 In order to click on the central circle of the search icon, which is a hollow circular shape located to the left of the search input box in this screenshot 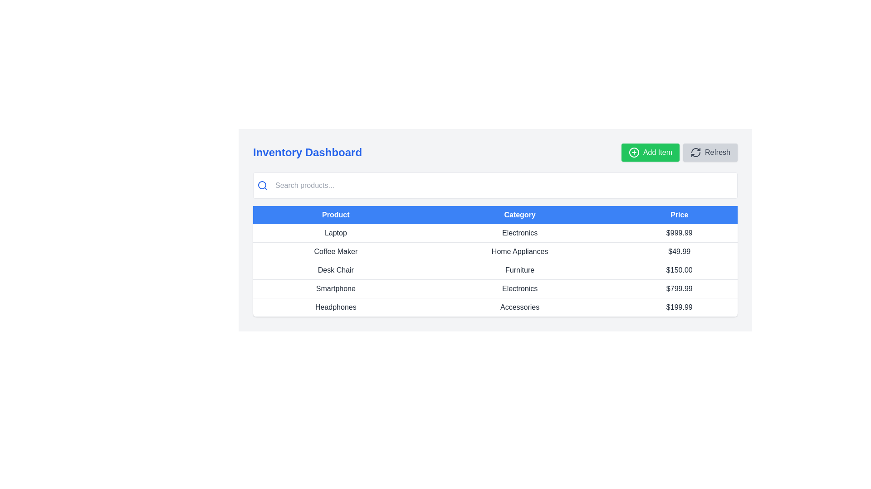, I will do `click(261, 184)`.